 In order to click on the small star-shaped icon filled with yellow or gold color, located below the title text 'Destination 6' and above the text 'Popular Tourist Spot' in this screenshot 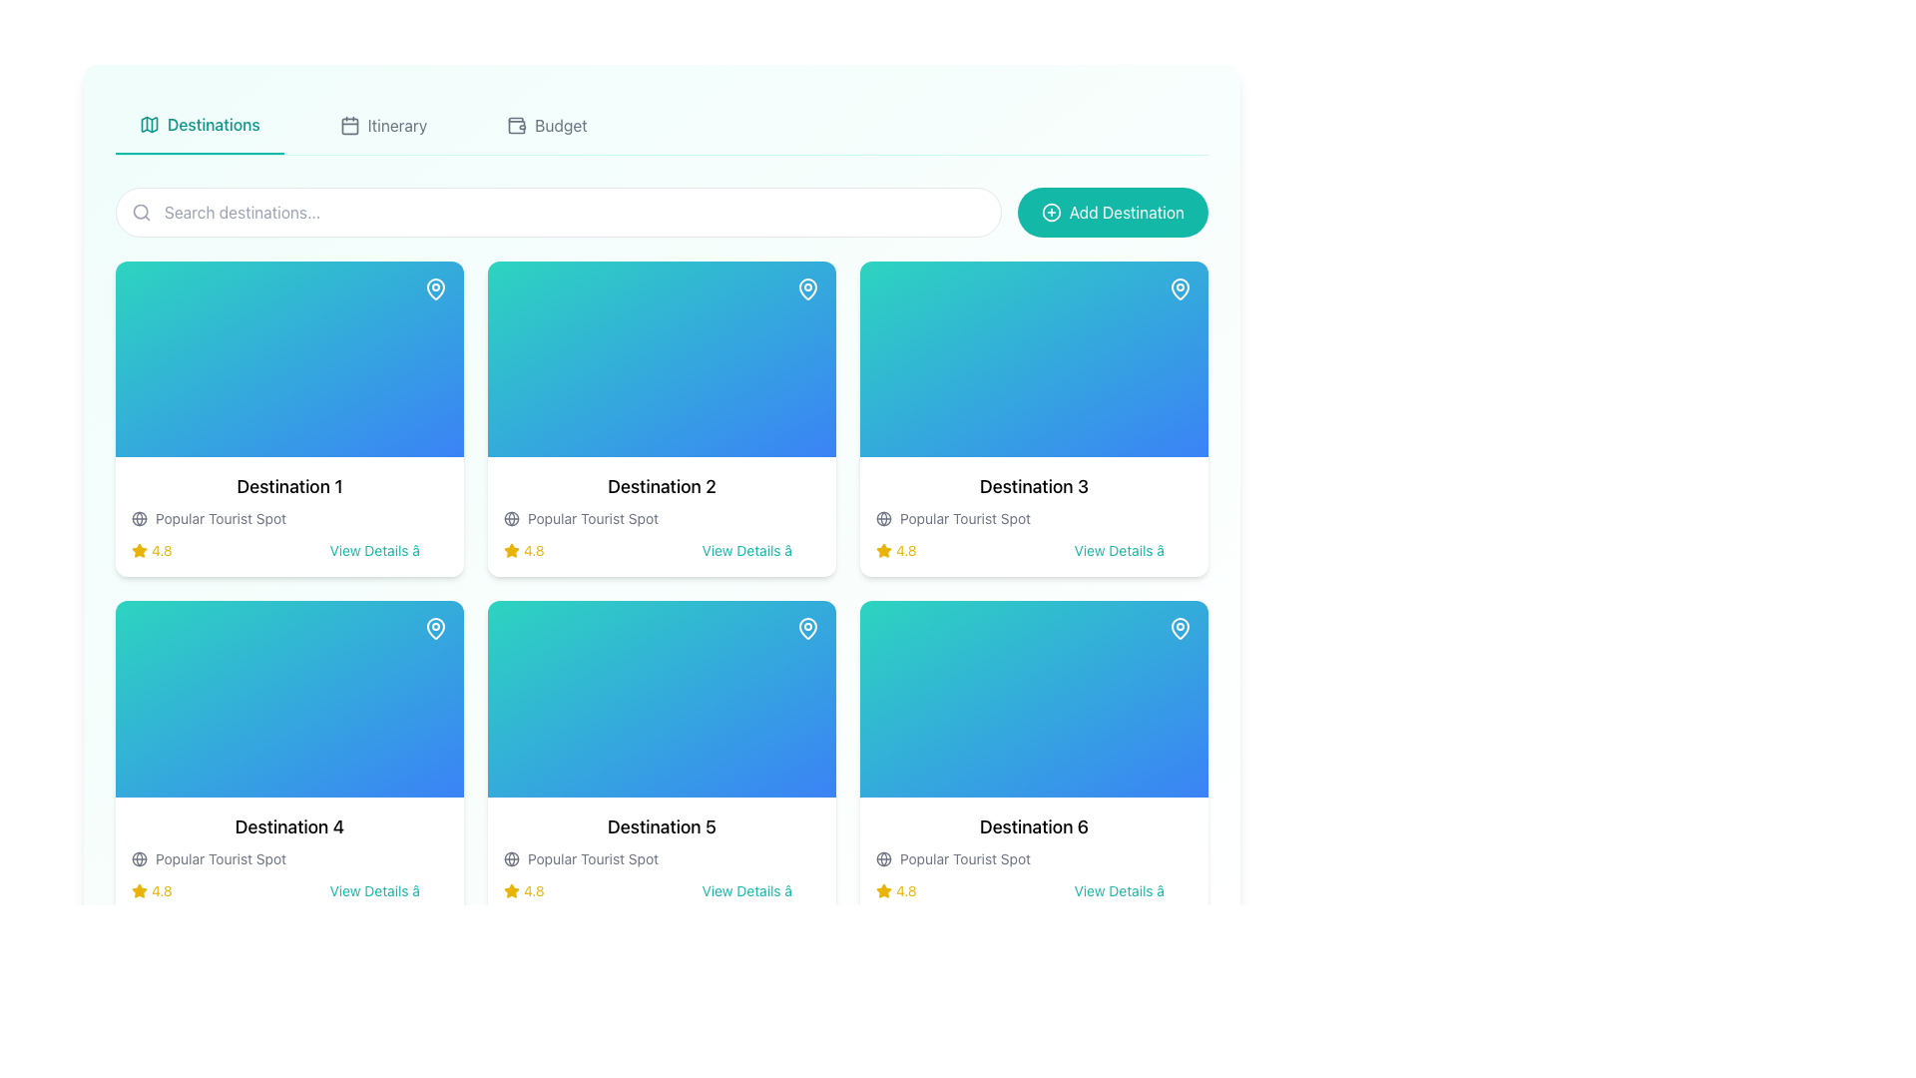, I will do `click(883, 889)`.